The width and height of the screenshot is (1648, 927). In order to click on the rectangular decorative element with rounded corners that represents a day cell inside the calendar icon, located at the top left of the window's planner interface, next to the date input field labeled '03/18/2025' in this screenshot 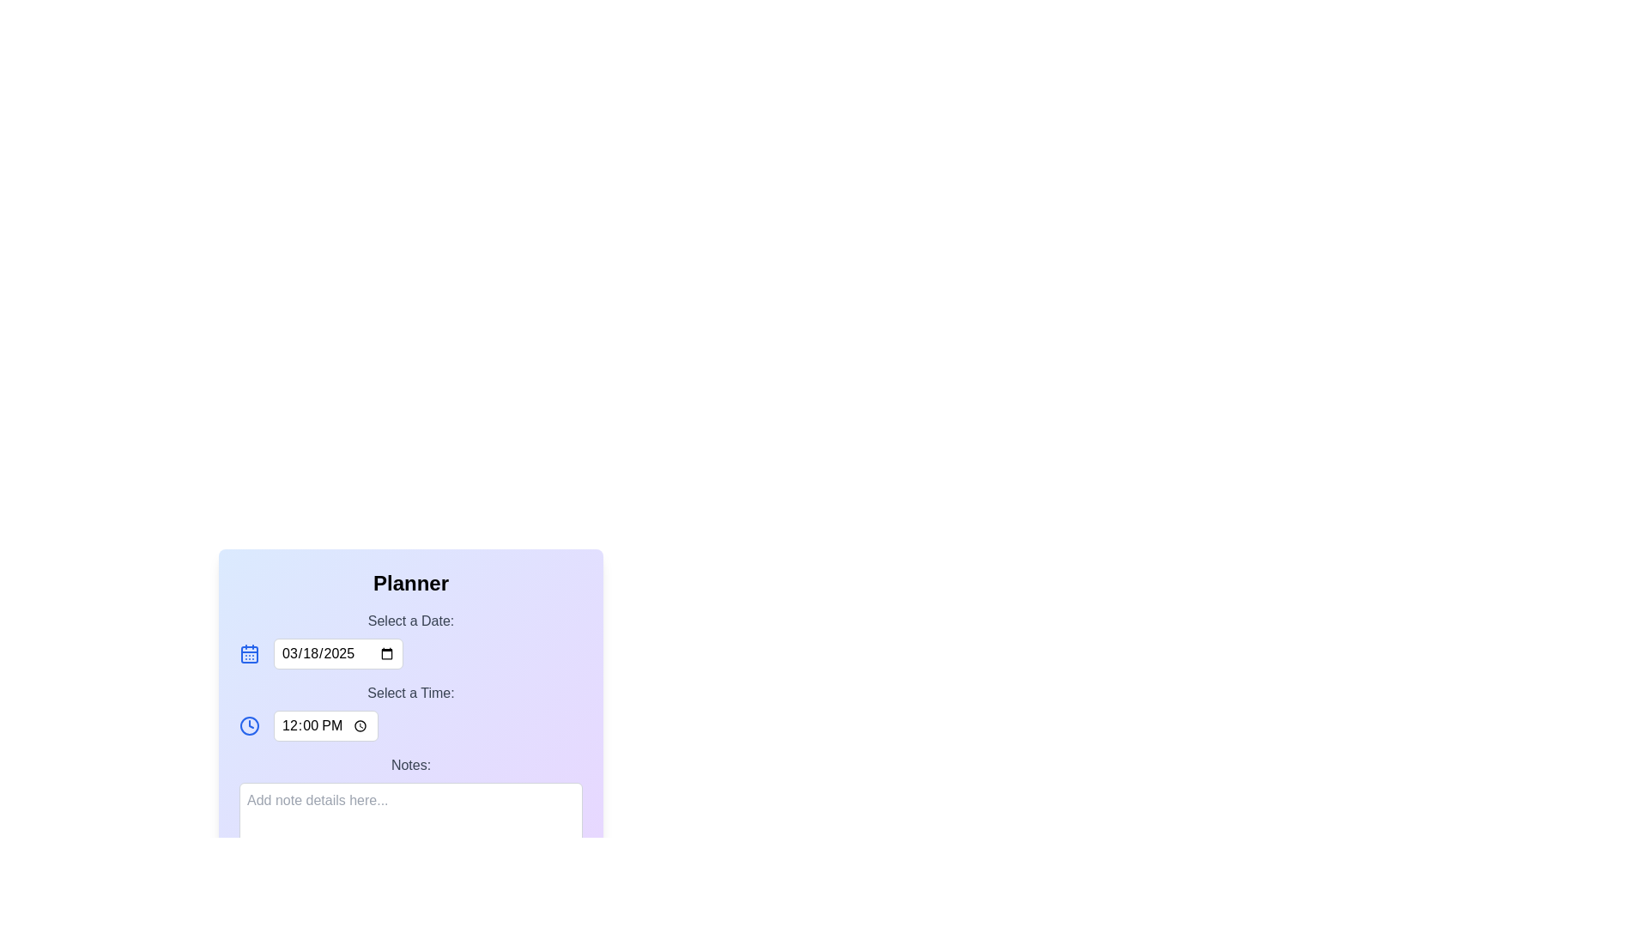, I will do `click(249, 655)`.